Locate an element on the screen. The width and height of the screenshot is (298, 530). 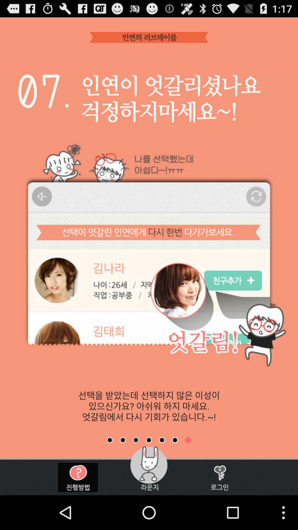
the button at the bottom right corner is located at coordinates (219, 477).